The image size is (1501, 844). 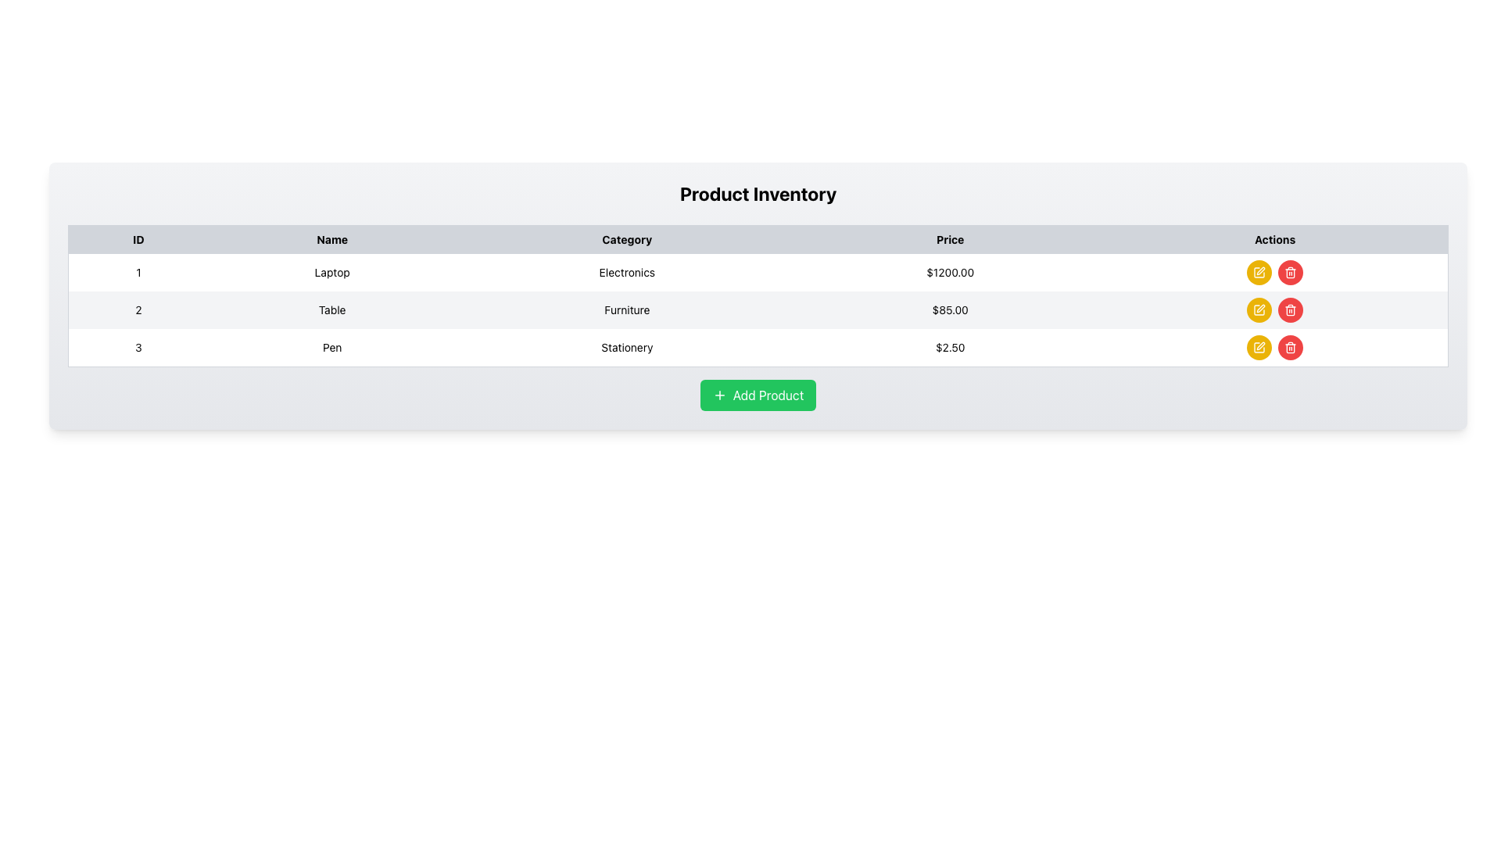 What do you see at coordinates (758, 394) in the screenshot?
I see `the button used to add a new product to the inventory list, located beneath the 'Product Inventory' table` at bounding box center [758, 394].